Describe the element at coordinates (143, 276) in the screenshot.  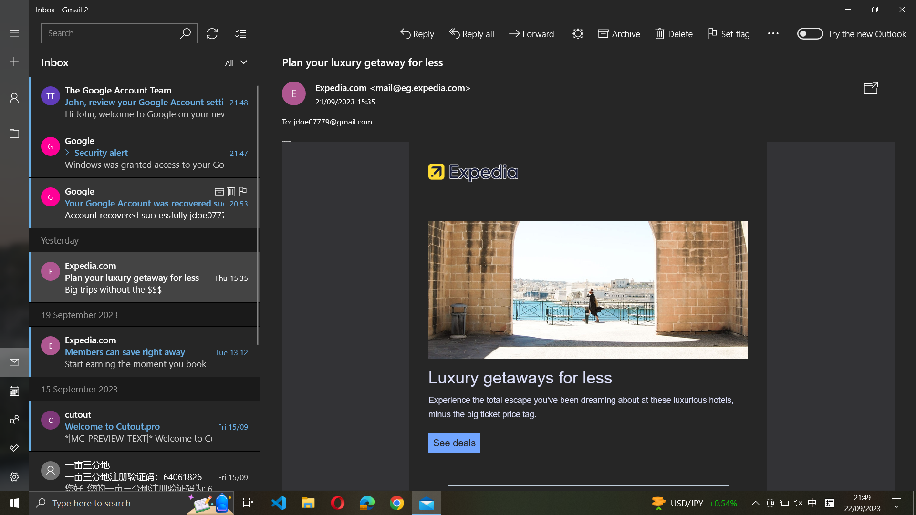
I see `Send on an email received from Expedia.com yesterday` at that location.